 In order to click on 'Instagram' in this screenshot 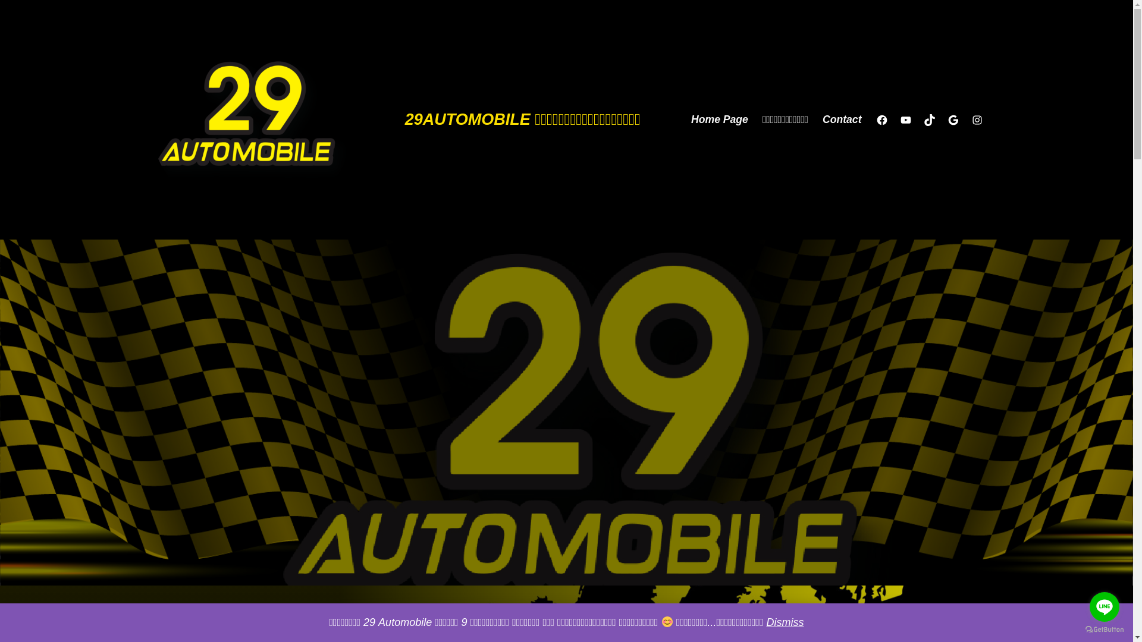, I will do `click(976, 119)`.